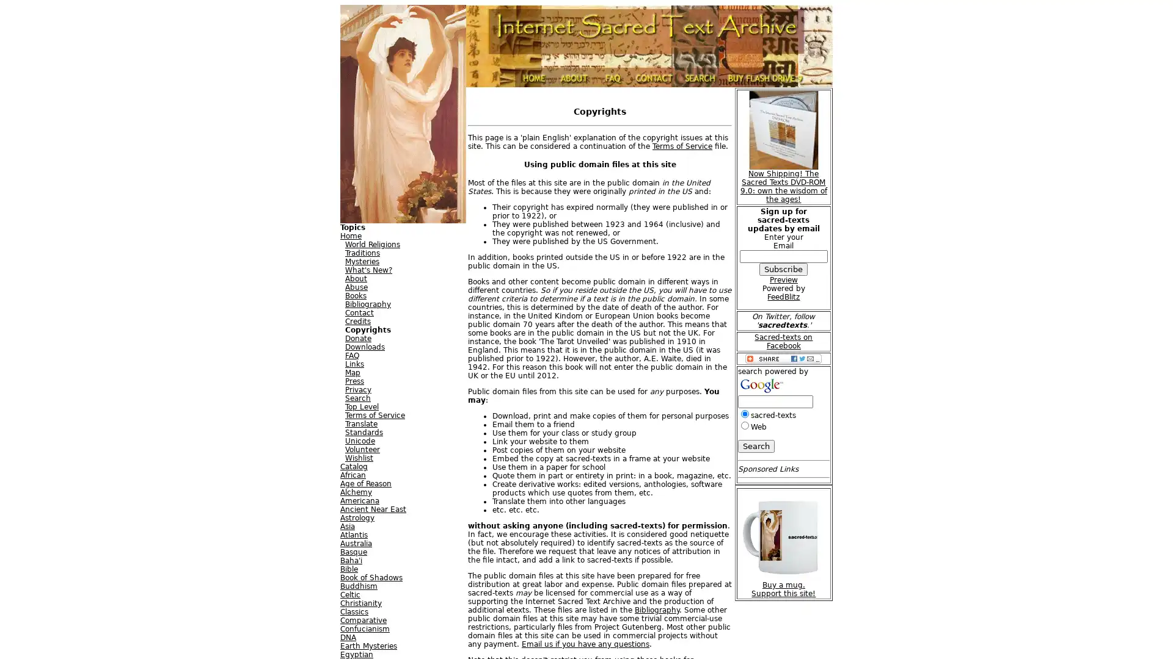 This screenshot has width=1173, height=659. Describe the element at coordinates (783, 268) in the screenshot. I see `Subscribe` at that location.